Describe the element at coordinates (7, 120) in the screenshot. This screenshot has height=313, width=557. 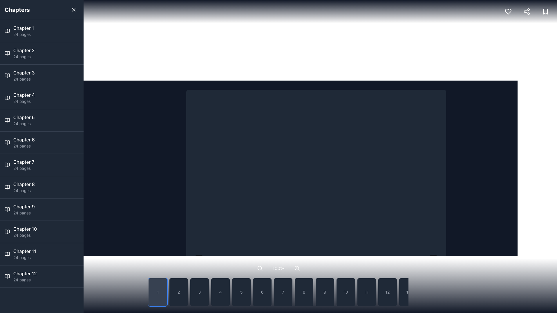
I see `the open book icon corresponding to 'Chapter 5' in the sidebar menu` at that location.